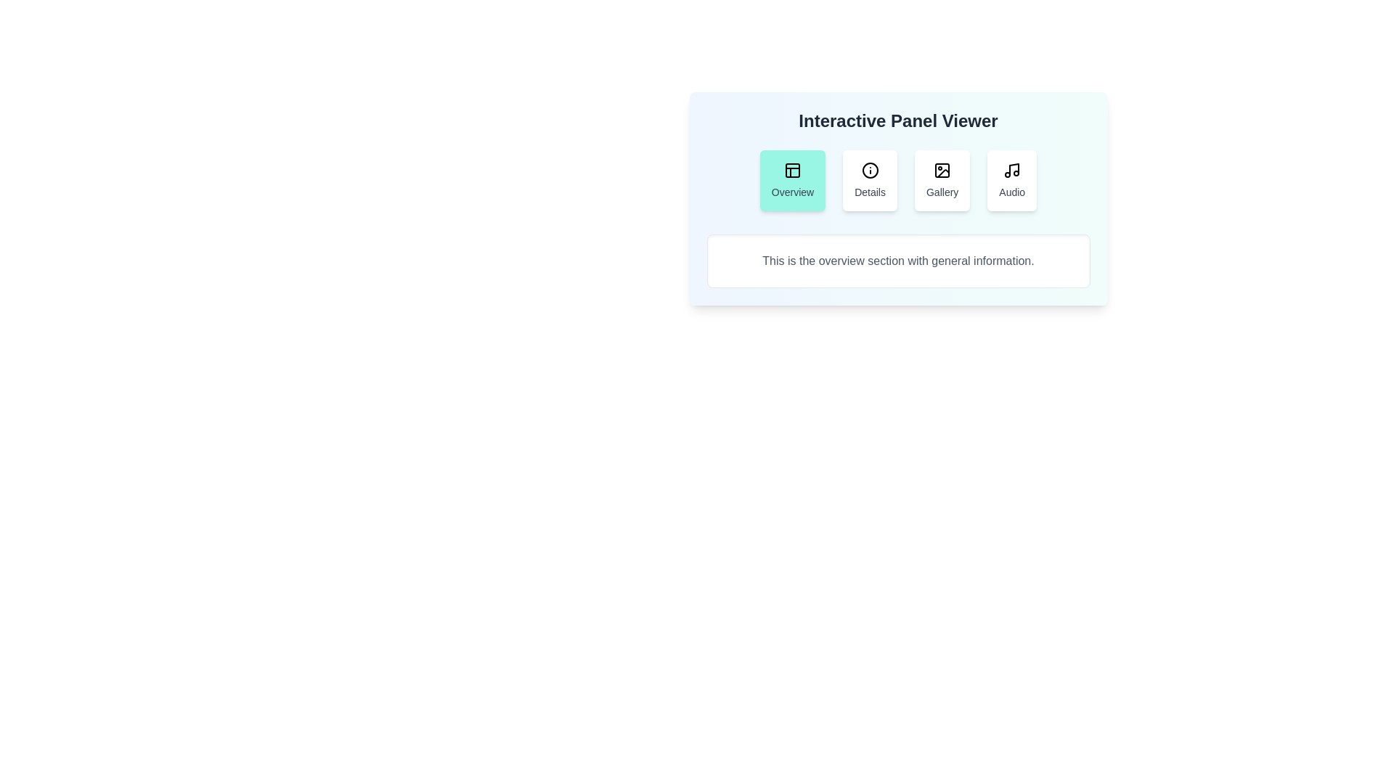 This screenshot has height=784, width=1394. Describe the element at coordinates (870, 170) in the screenshot. I see `the circular outline of the 'info' icon, which is styled with a black stroke and is positioned at the center of the 'info' icon in the top section of the interface` at that location.